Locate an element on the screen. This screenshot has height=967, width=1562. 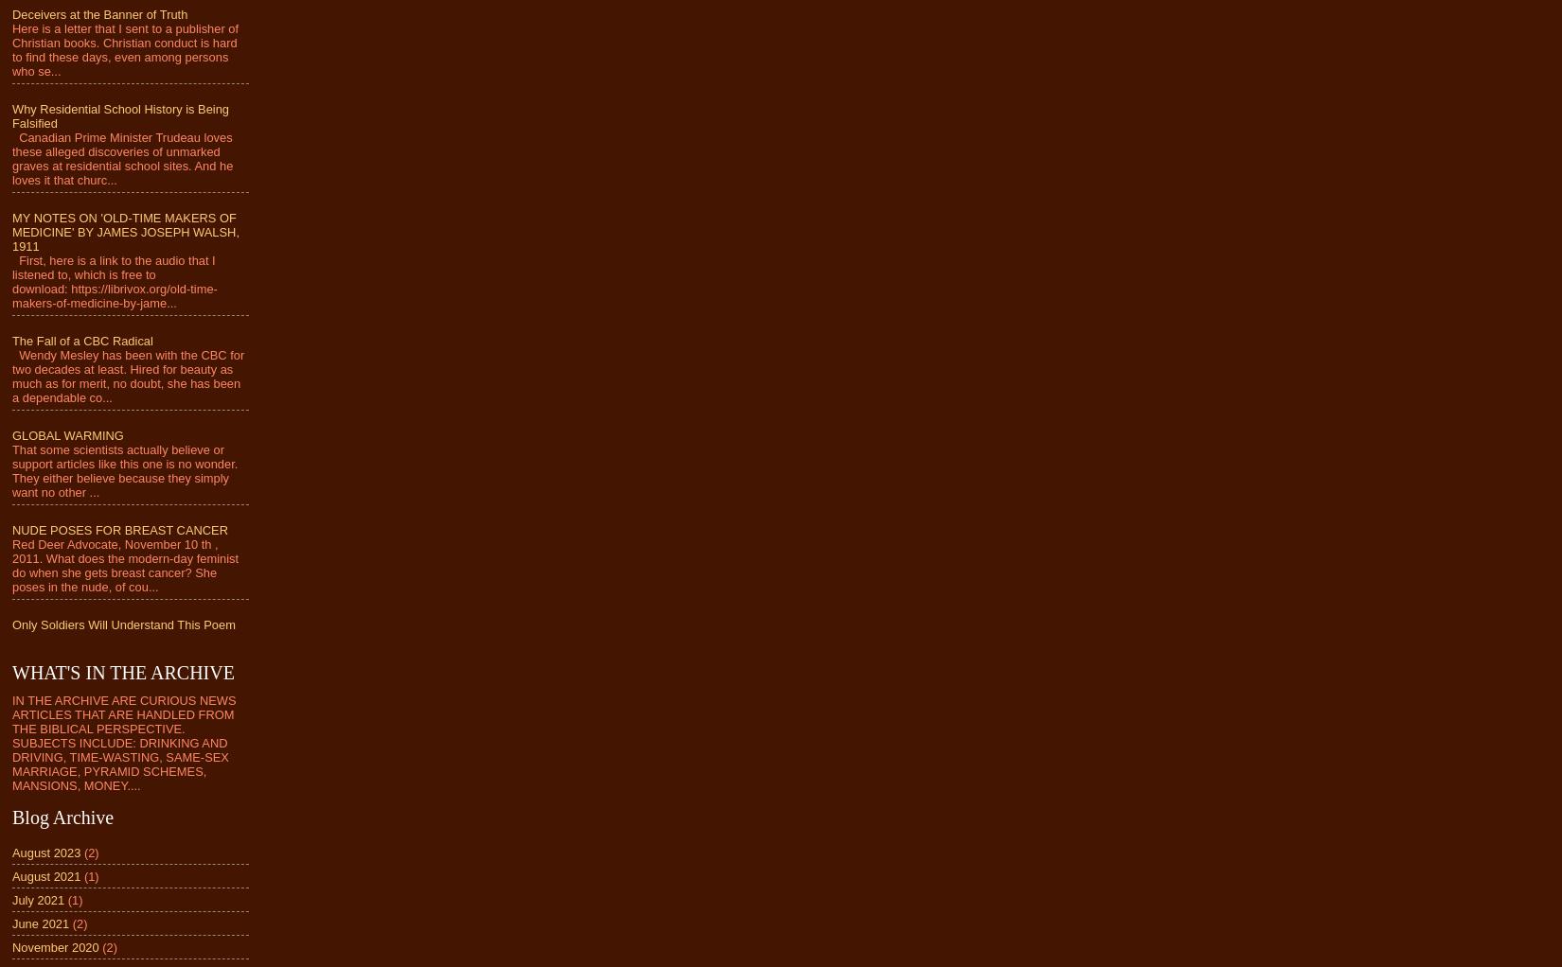
'Only Soldiers Will Understand This Poem' is located at coordinates (123, 624).